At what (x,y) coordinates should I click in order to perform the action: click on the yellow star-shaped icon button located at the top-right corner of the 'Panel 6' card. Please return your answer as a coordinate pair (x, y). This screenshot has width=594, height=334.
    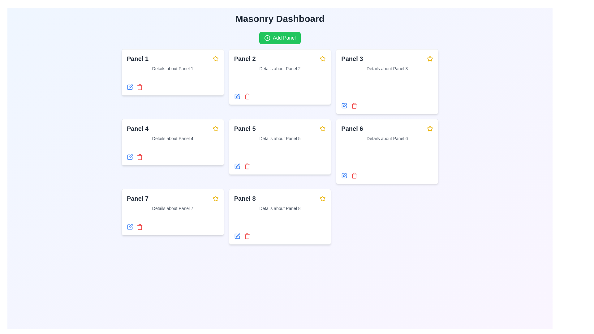
    Looking at the image, I should click on (429, 128).